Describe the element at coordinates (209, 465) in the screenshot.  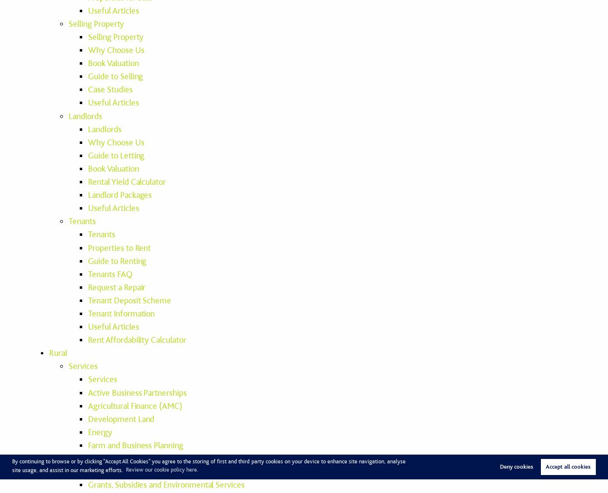
I see `'By continuing to browse or by clicking “Accept All Cookies” you agree to the storing of first and third-party cookies on your device to enhance site navigation, analyse site usage, and assist in our marketing efforts.'` at that location.